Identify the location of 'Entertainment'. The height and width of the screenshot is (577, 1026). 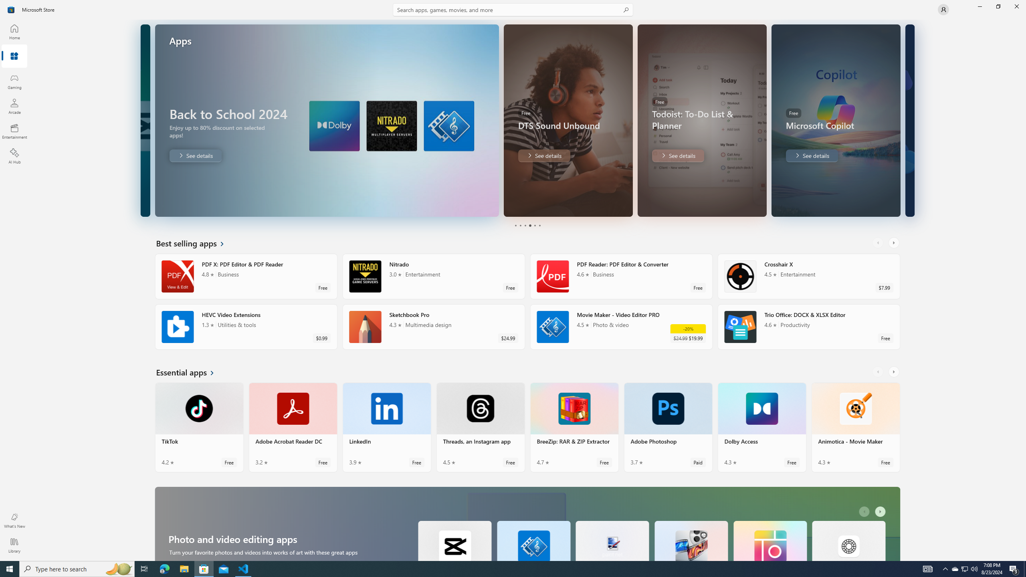
(14, 131).